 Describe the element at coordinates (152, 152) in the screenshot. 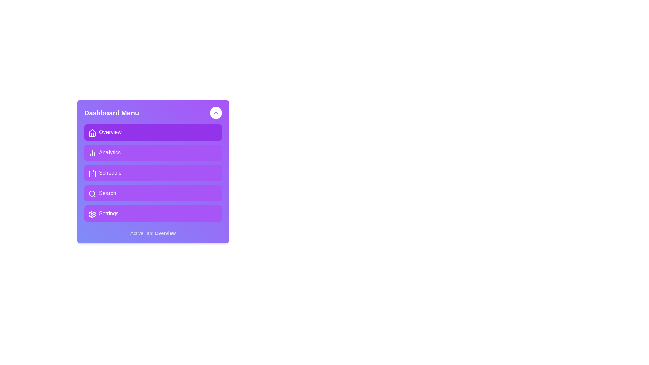

I see `the 'Analytics' button located below the 'Overview' button and above the 'Schedule' button in the sidebar` at that location.